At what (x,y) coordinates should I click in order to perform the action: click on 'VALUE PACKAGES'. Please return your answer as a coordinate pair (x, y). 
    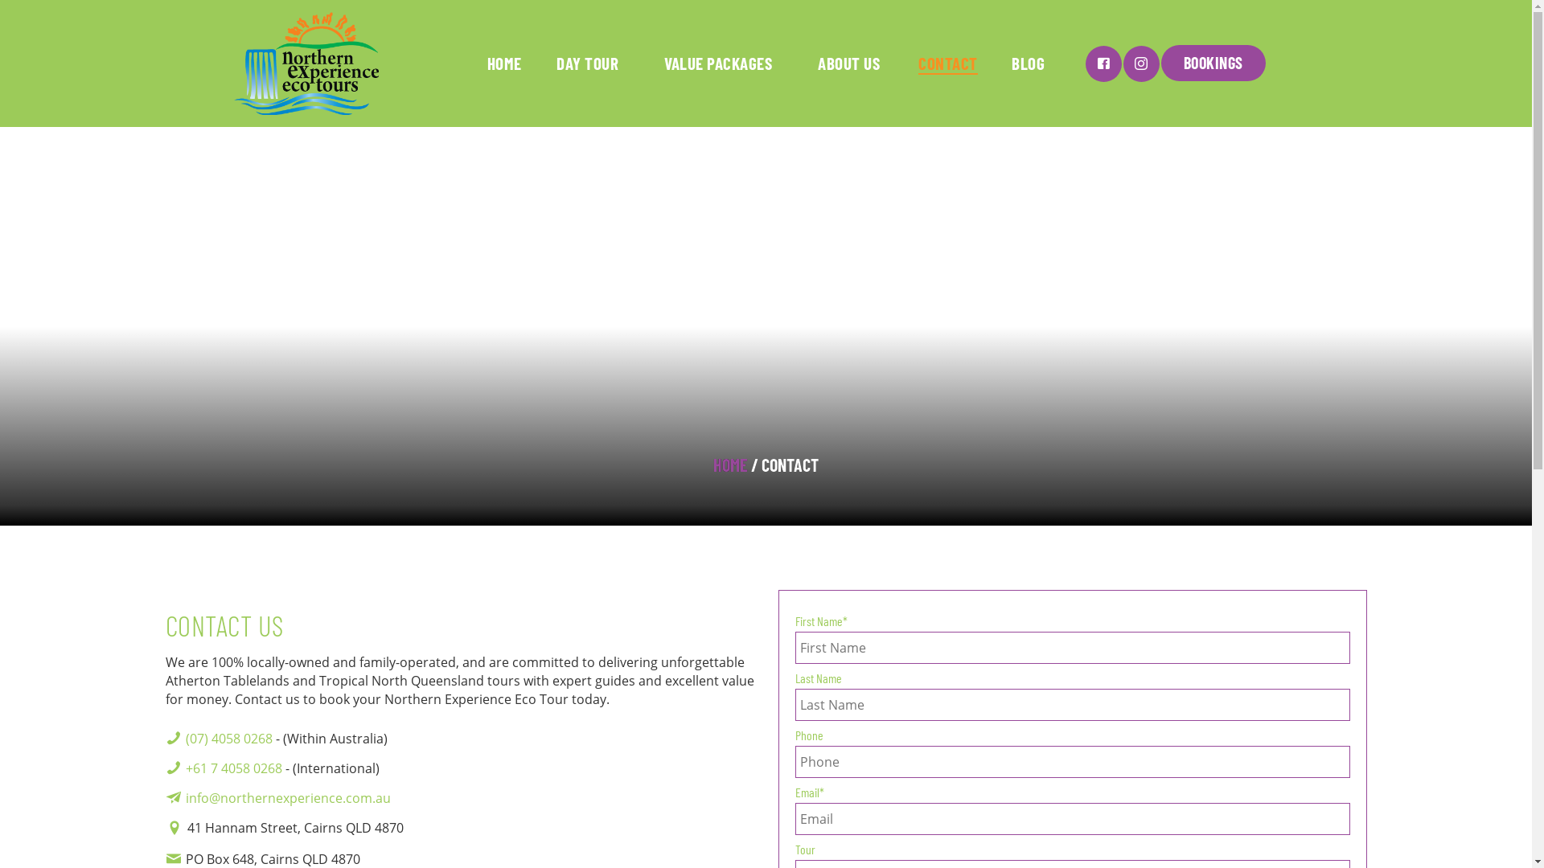
    Looking at the image, I should click on (717, 62).